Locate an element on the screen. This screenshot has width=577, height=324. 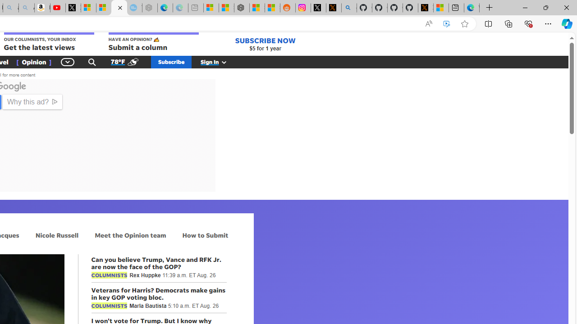
'OUR COLUMNISTS, YOUR INBOX Get the latest views' is located at coordinates (48, 42).